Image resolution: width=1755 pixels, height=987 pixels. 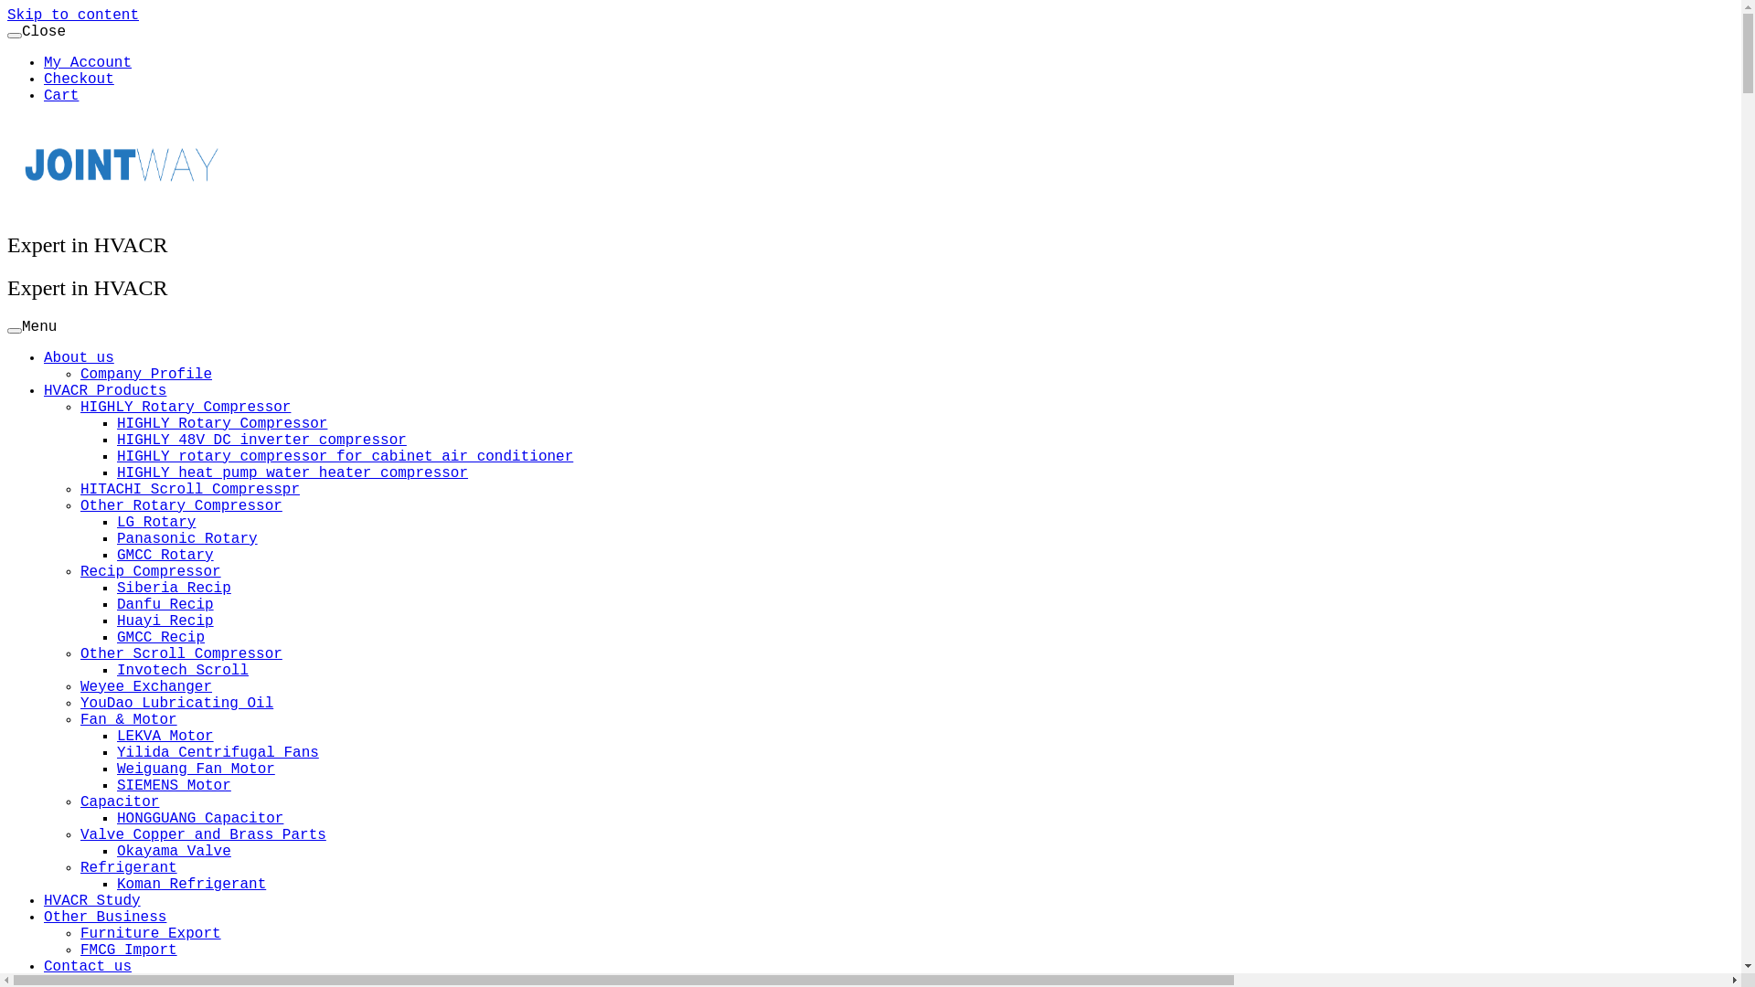 I want to click on 'HVACR Products', so click(x=44, y=390).